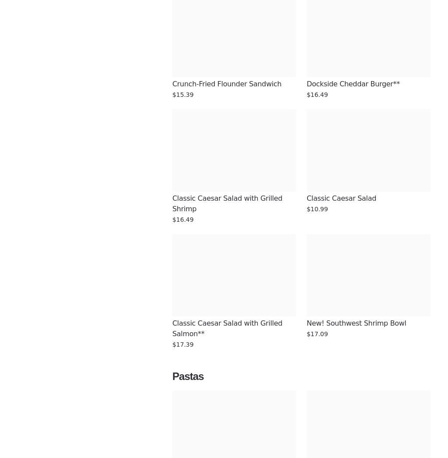  I want to click on '$17.39', so click(182, 344).